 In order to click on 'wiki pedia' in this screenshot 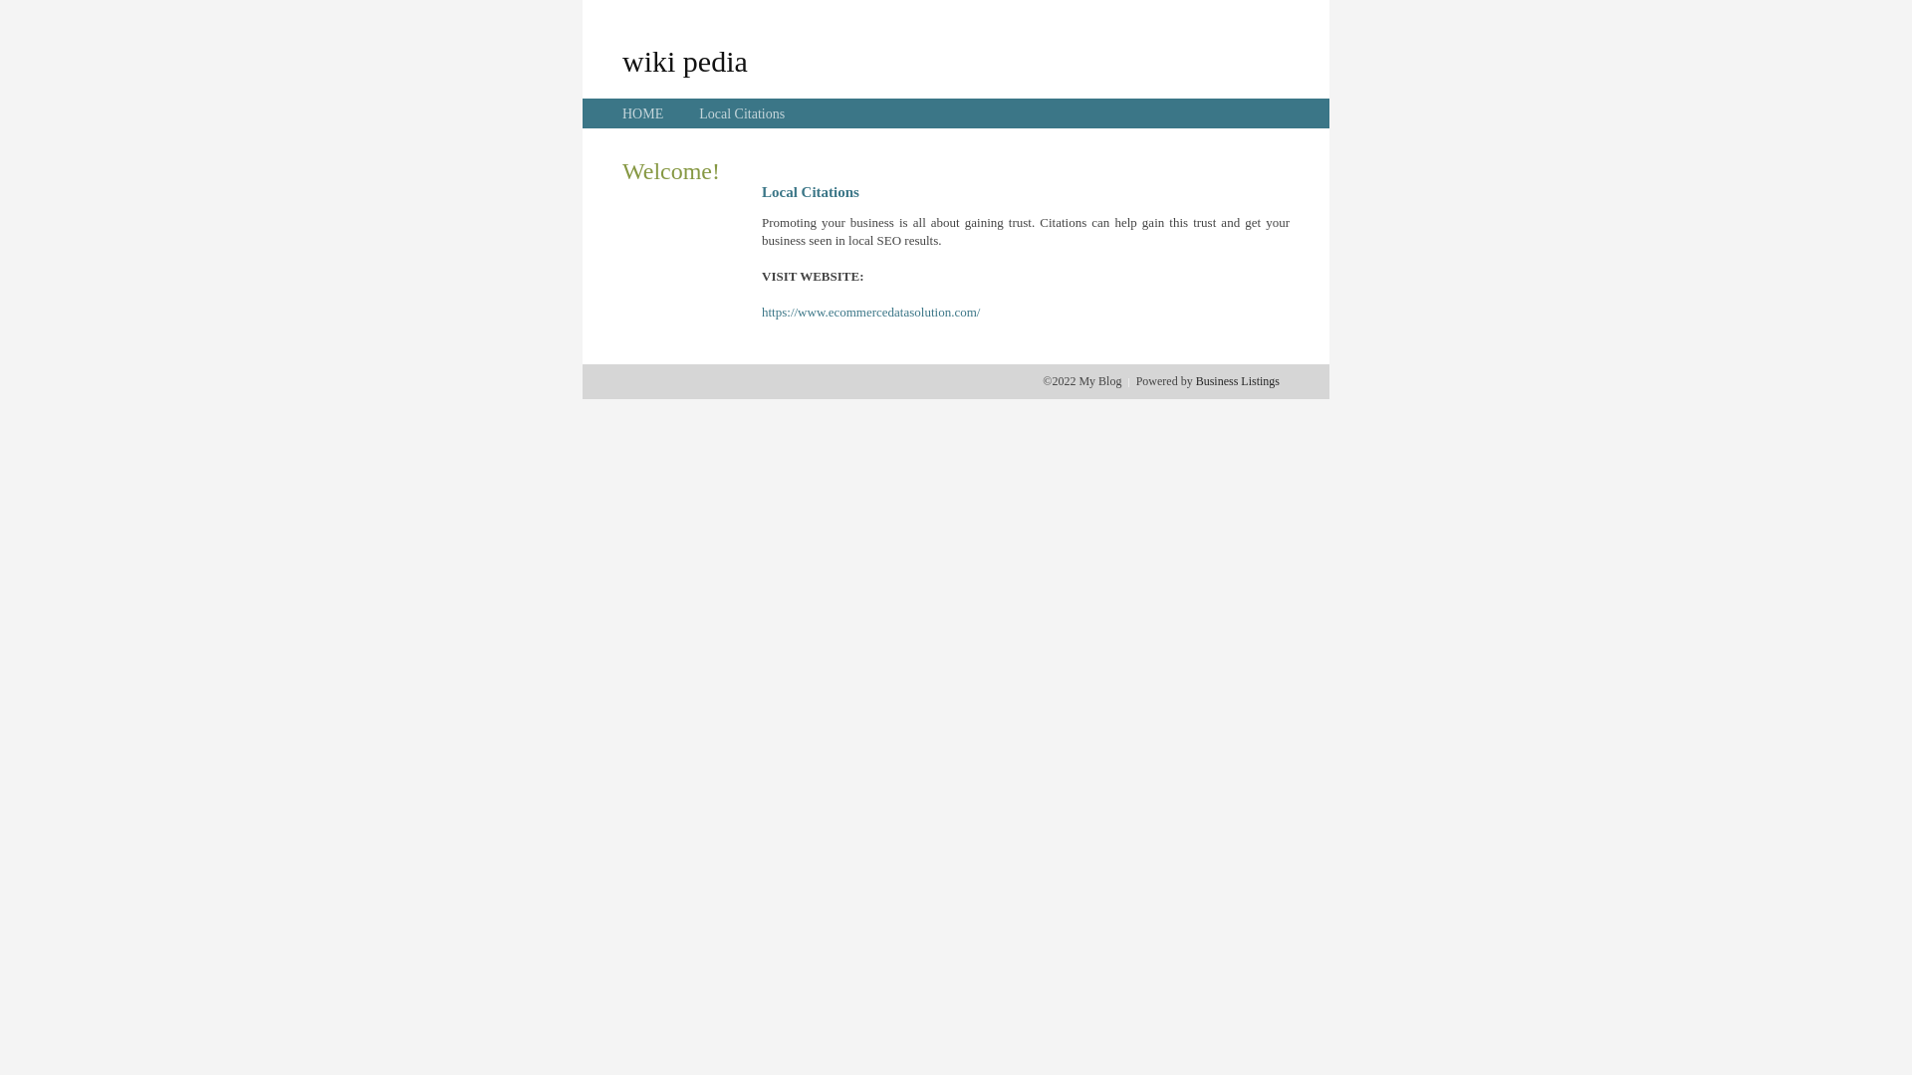, I will do `click(684, 60)`.